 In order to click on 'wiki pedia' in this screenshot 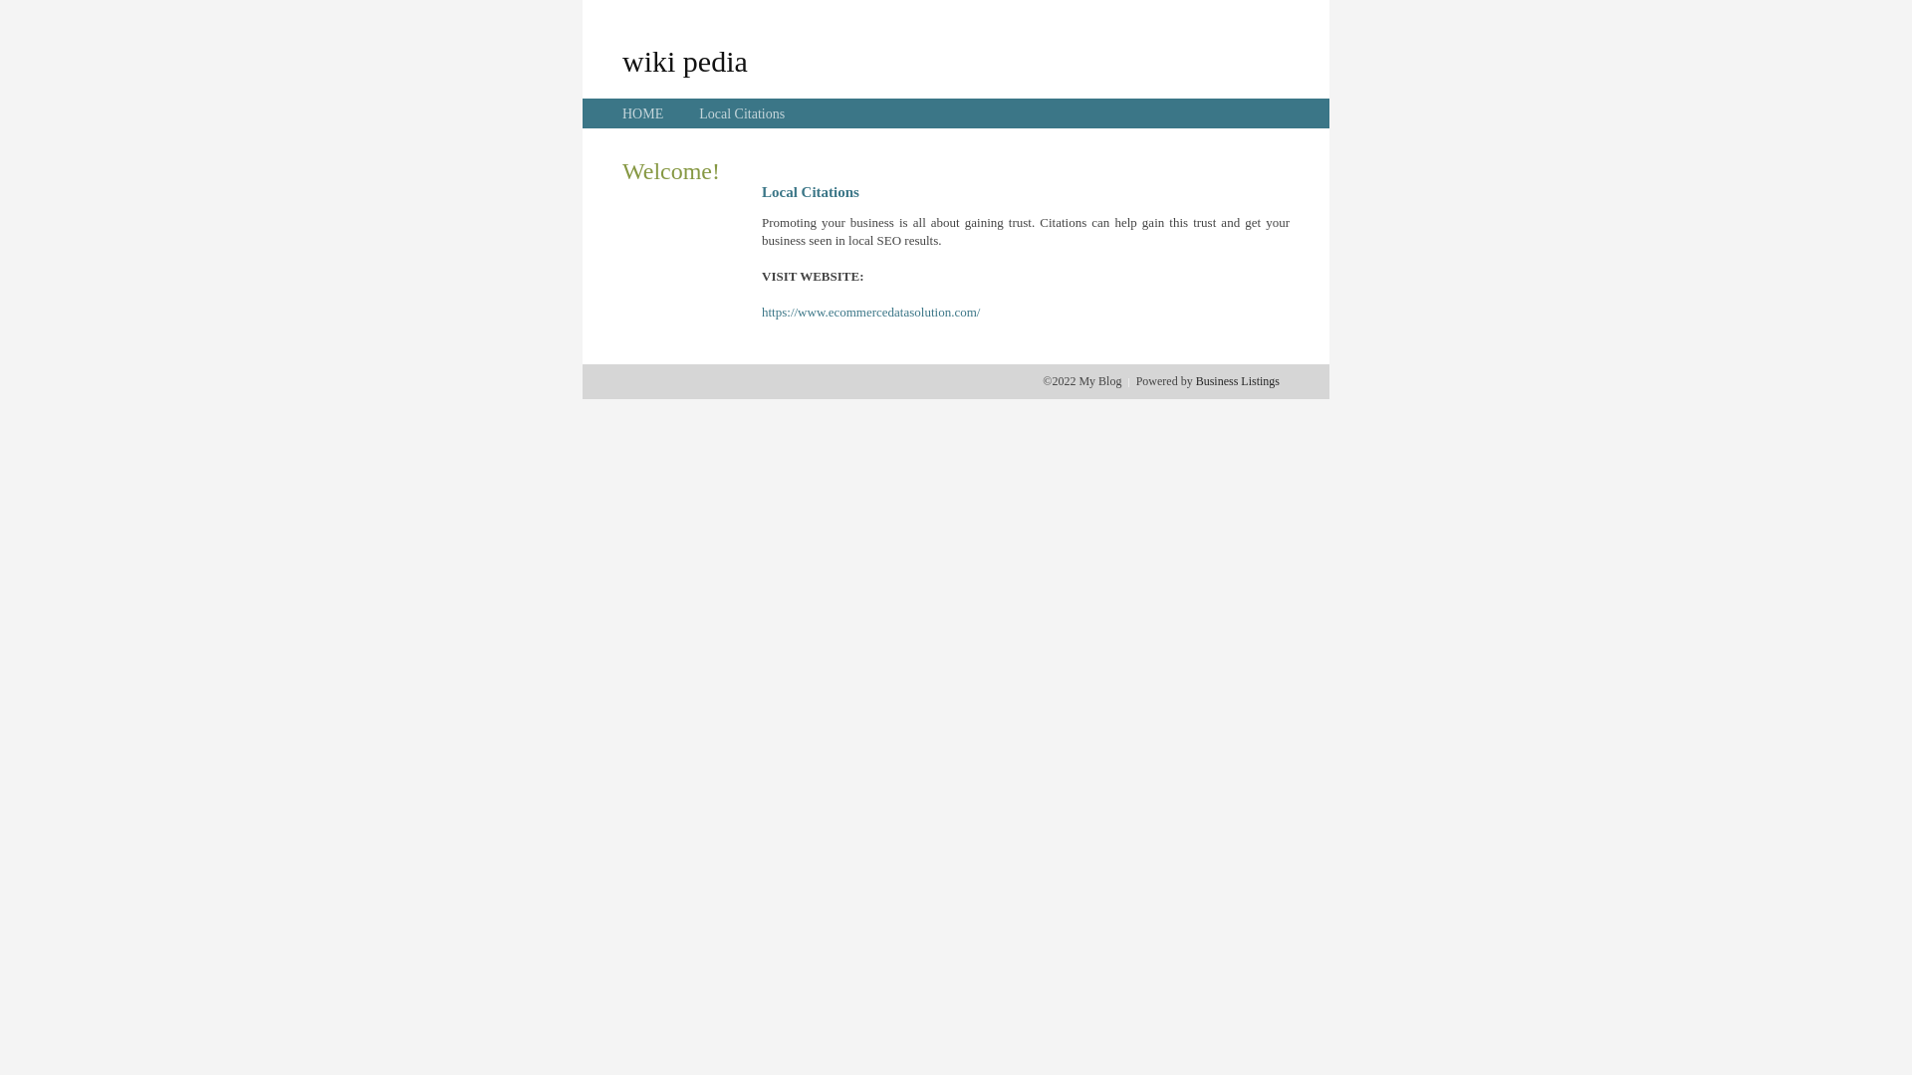, I will do `click(684, 60)`.